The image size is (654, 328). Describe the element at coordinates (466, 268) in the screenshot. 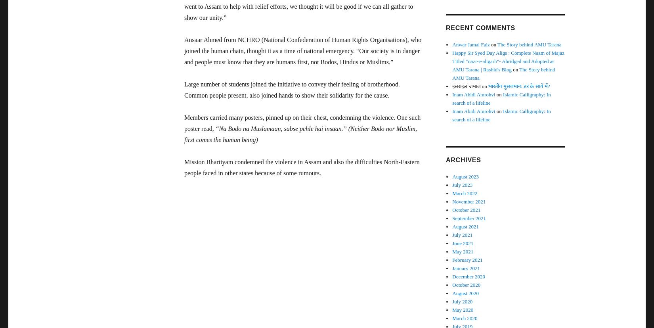

I see `'January 2021'` at that location.